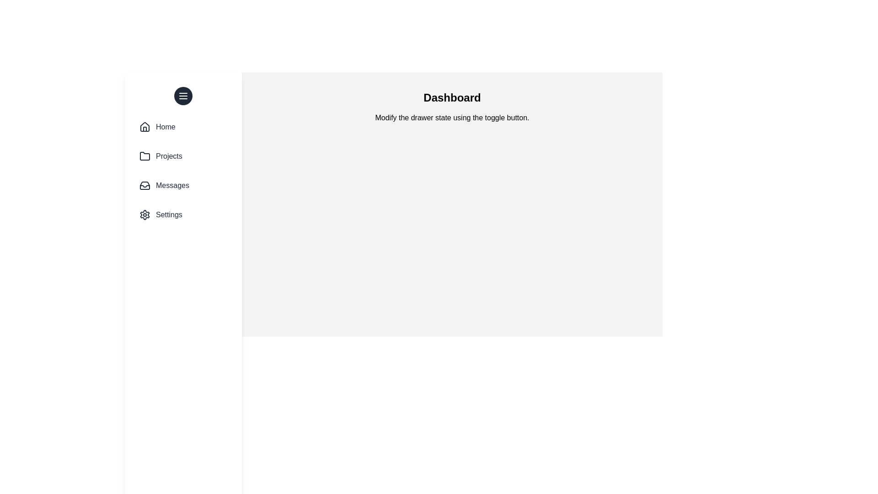 The image size is (878, 494). Describe the element at coordinates (169, 215) in the screenshot. I see `the text 'Settings' in the drawer` at that location.